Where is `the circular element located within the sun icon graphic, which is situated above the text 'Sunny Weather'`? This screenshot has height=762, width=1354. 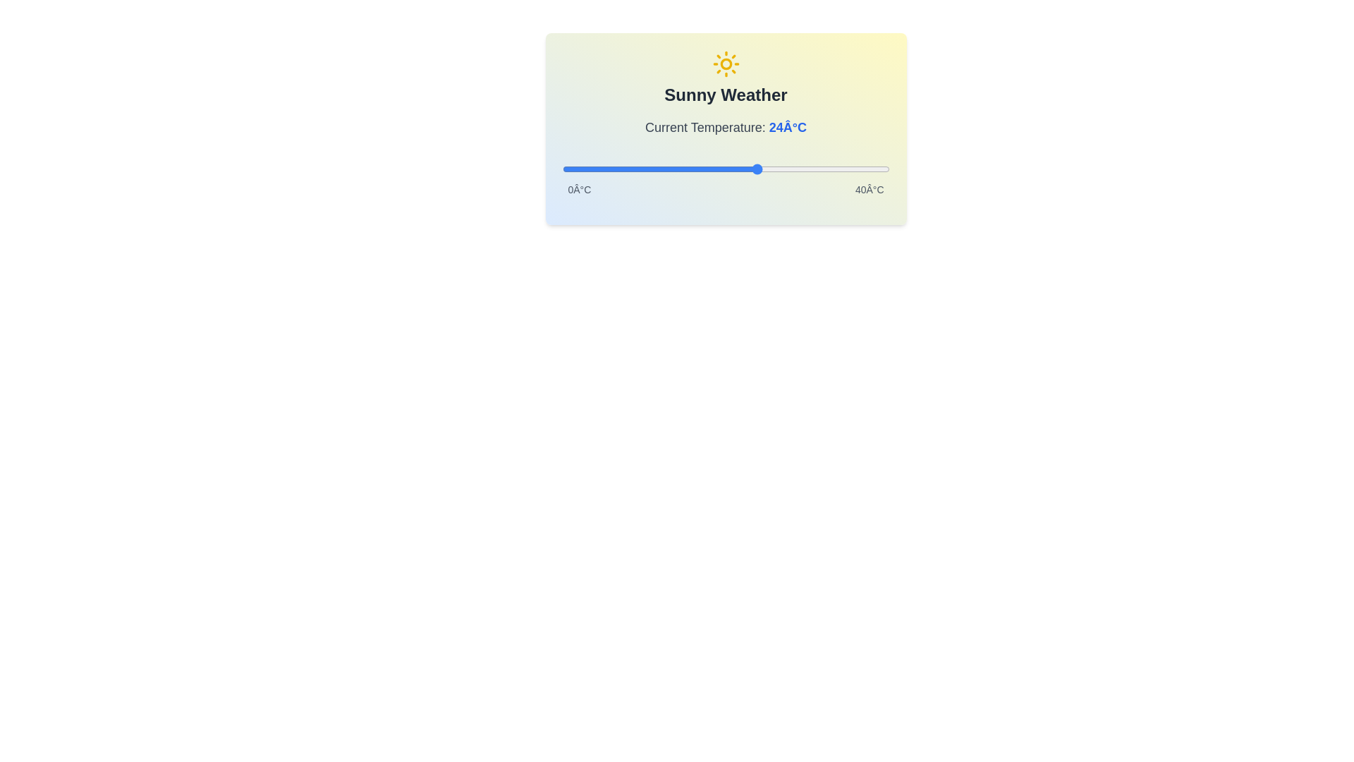
the circular element located within the sun icon graphic, which is situated above the text 'Sunny Weather' is located at coordinates (726, 64).